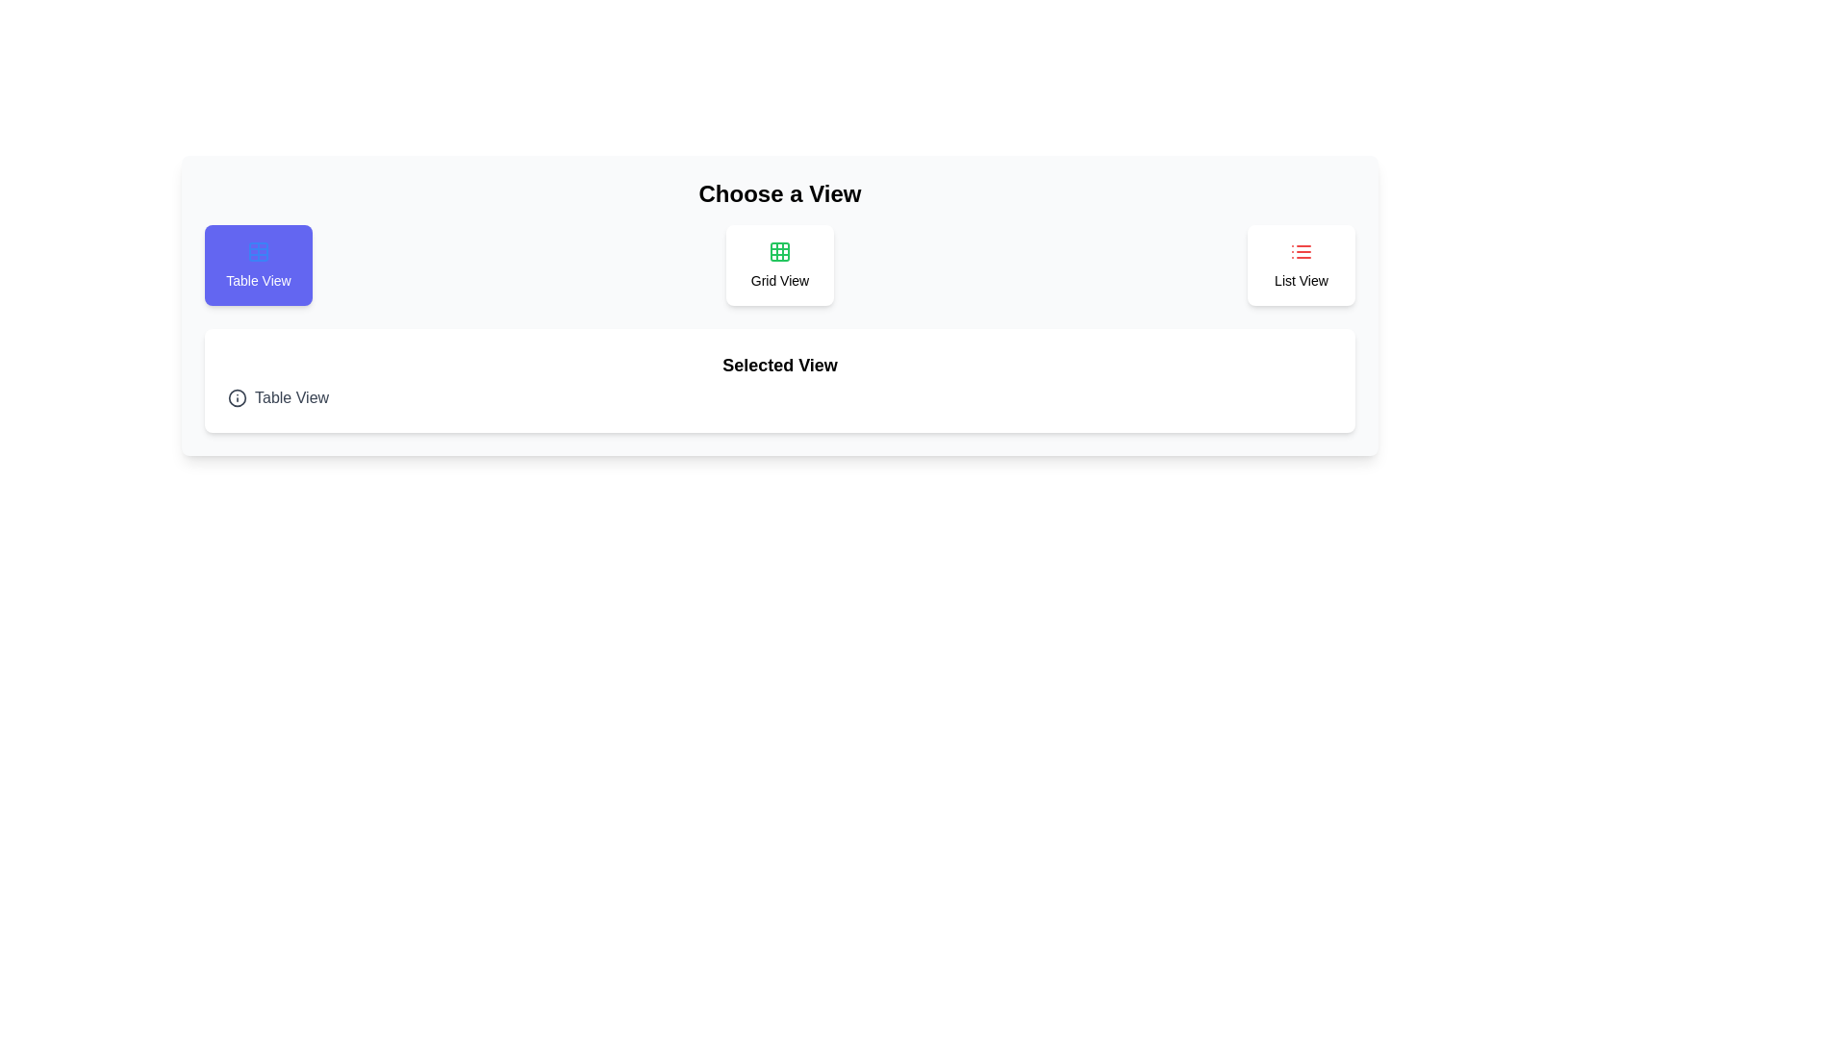 This screenshot has width=1847, height=1039. Describe the element at coordinates (1302, 266) in the screenshot. I see `the 'List View' selectable card` at that location.